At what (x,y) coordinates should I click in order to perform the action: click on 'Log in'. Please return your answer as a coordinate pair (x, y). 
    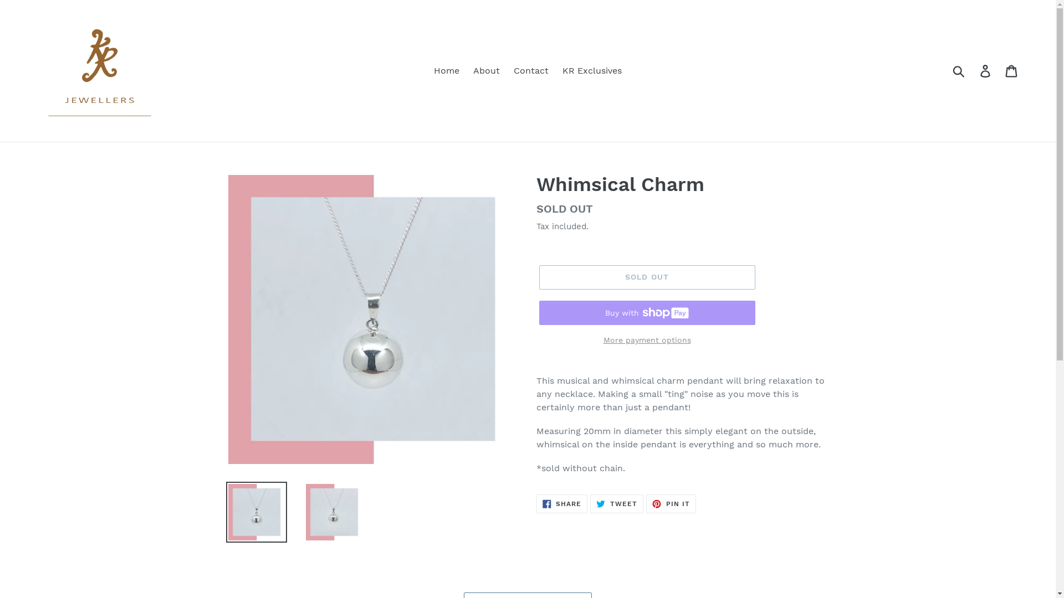
    Looking at the image, I should click on (986, 71).